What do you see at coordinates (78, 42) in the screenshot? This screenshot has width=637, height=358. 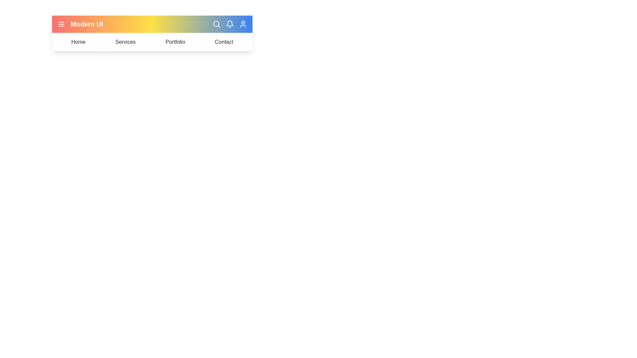 I see `the 'Home' menu item located at the top navigation bar` at bounding box center [78, 42].